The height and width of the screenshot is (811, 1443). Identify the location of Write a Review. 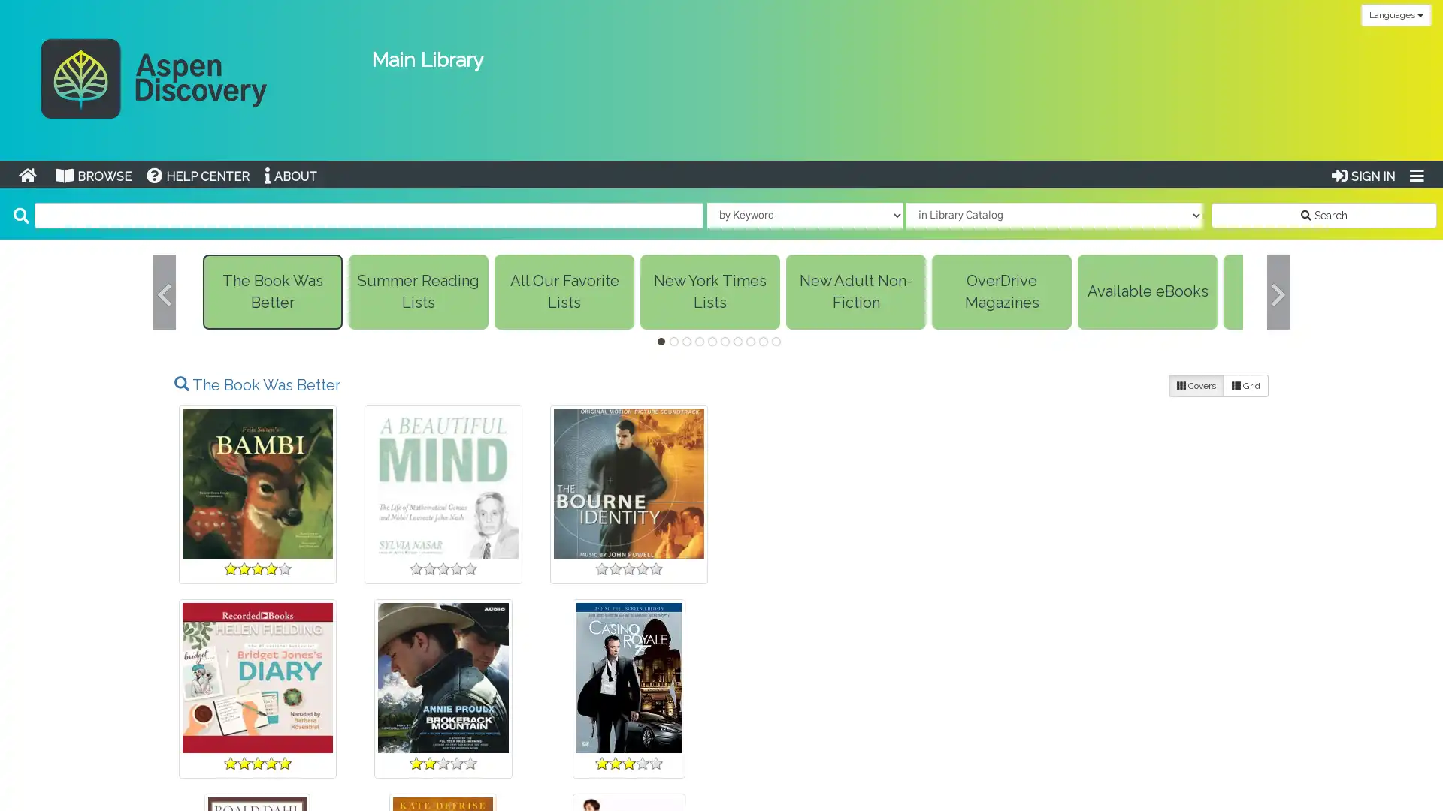
(1184, 752).